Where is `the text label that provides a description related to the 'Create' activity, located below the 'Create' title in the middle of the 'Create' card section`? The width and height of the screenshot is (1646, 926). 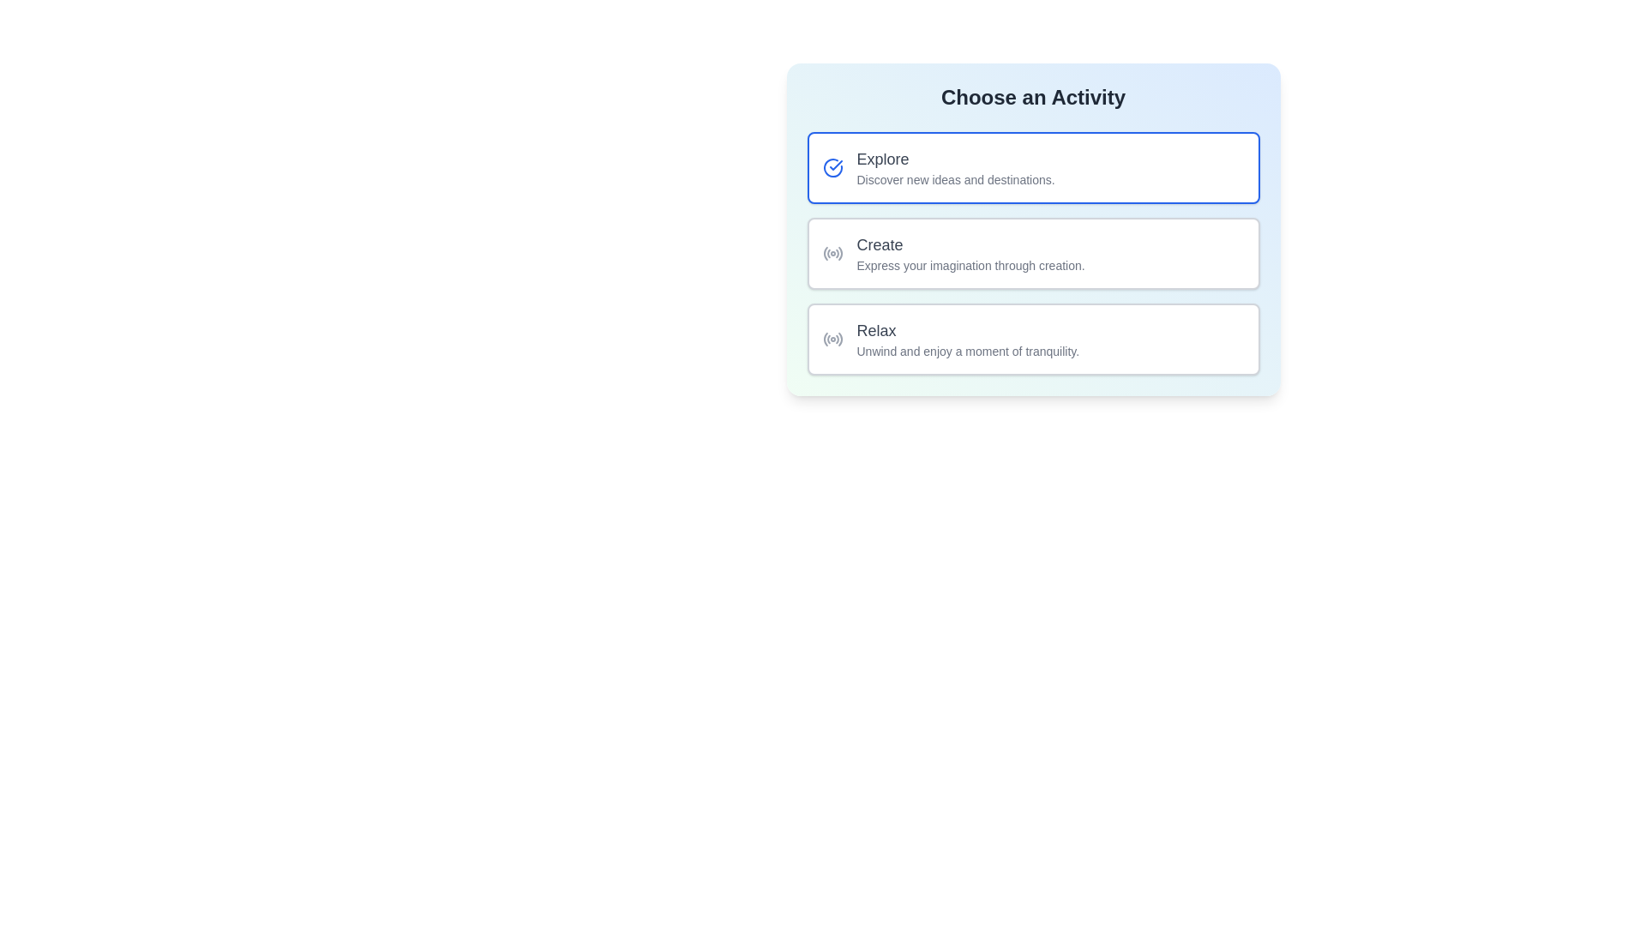
the text label that provides a description related to the 'Create' activity, located below the 'Create' title in the middle of the 'Create' card section is located at coordinates (970, 265).